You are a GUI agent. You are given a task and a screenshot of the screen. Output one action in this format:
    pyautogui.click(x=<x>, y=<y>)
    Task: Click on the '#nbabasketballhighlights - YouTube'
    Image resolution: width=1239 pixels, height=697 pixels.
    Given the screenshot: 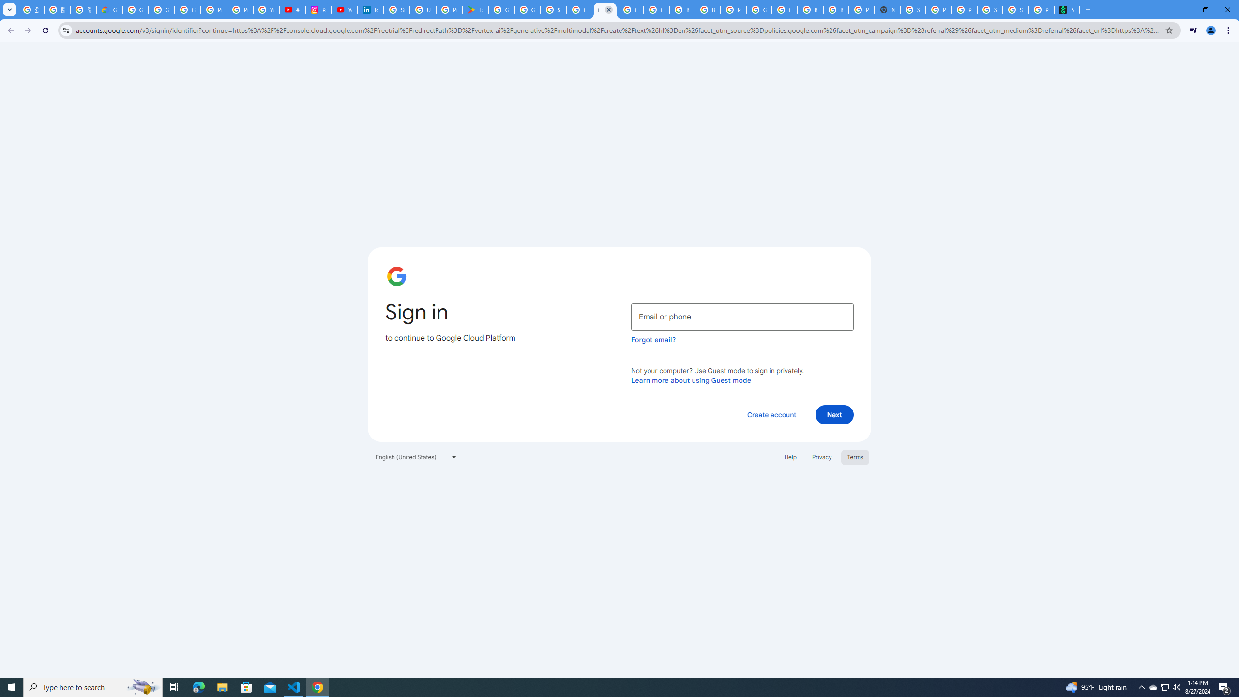 What is the action you would take?
    pyautogui.click(x=292, y=9)
    